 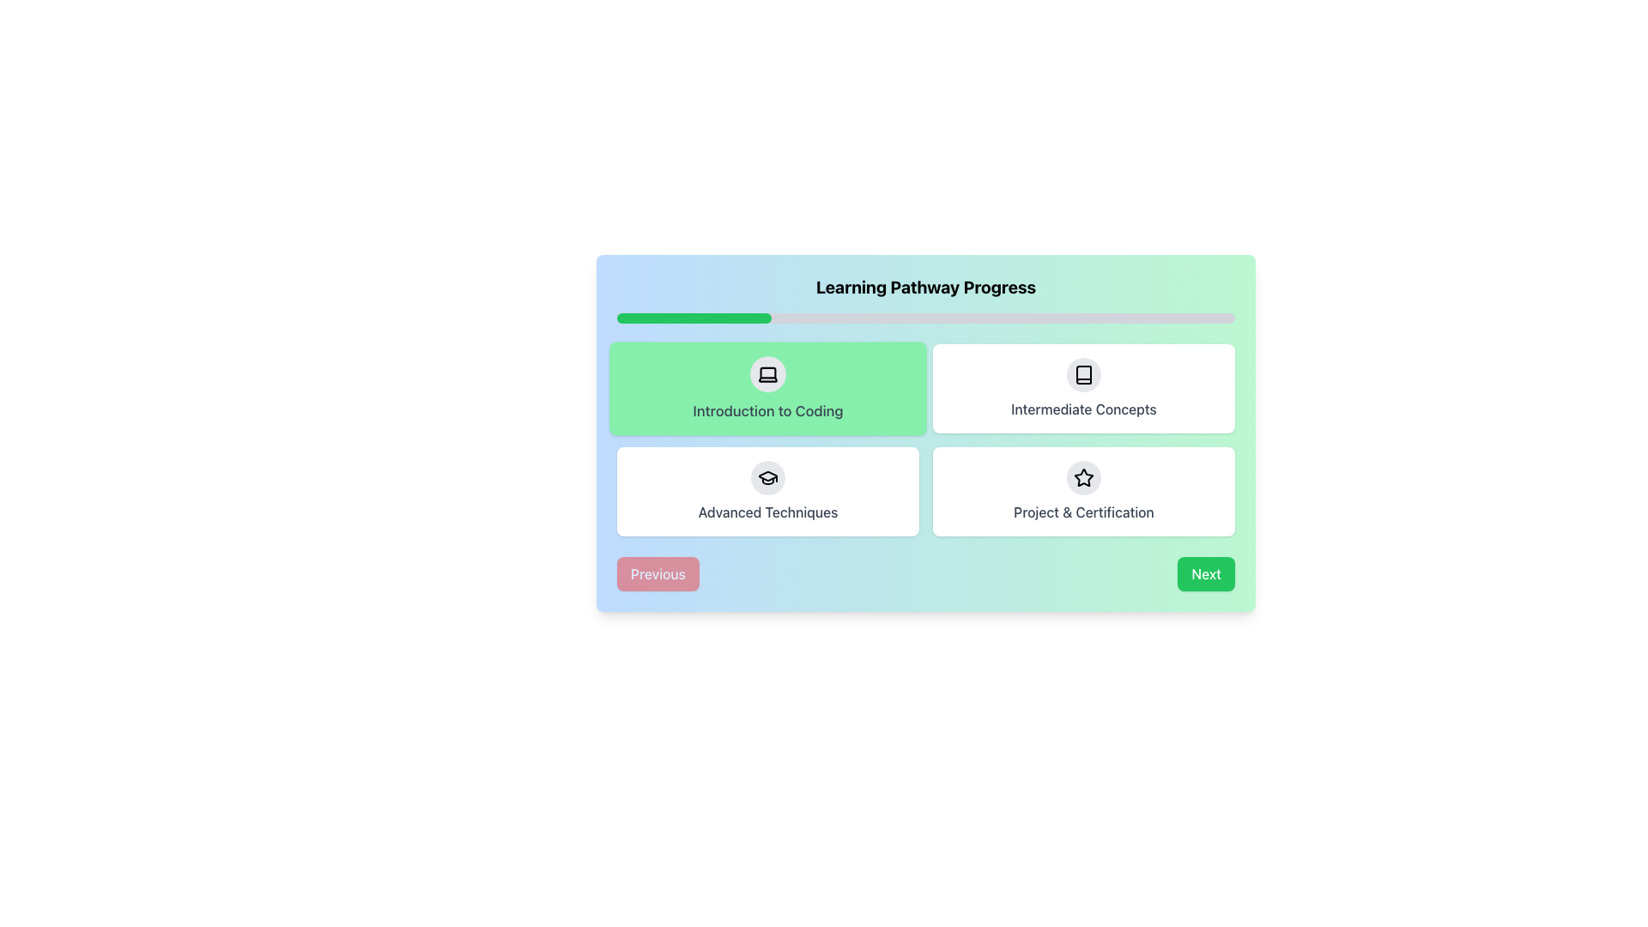 What do you see at coordinates (1082, 409) in the screenshot?
I see `the text label displaying 'Intermediate Concepts' located below an inline icon in a card-style layout` at bounding box center [1082, 409].